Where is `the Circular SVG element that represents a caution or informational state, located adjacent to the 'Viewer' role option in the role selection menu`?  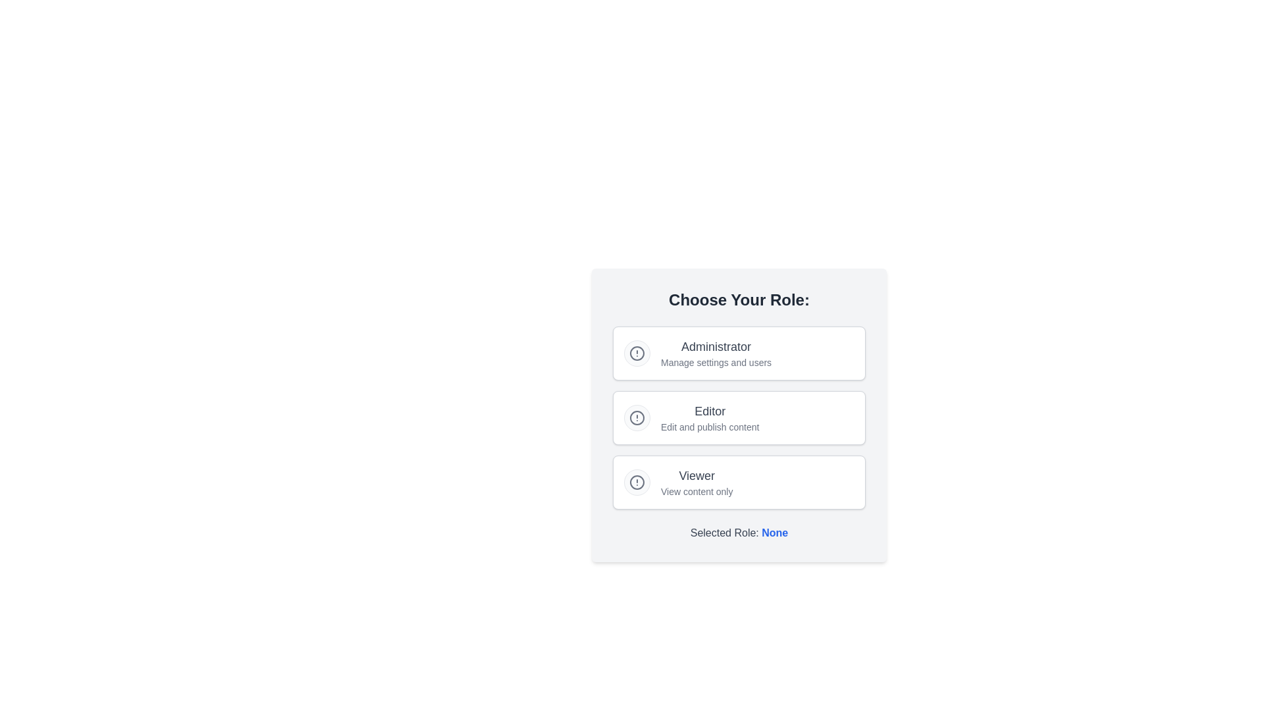
the Circular SVG element that represents a caution or informational state, located adjacent to the 'Viewer' role option in the role selection menu is located at coordinates (637, 482).